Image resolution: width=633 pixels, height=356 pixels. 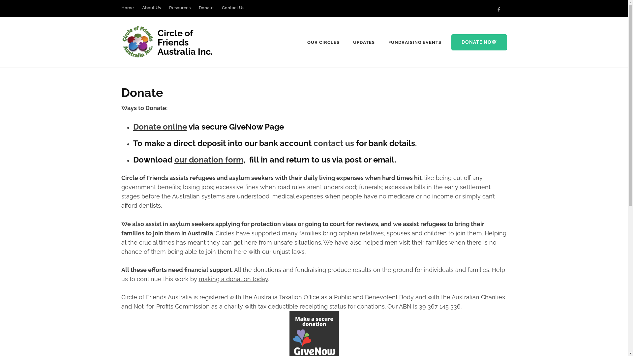 I want to click on 'Donate', so click(x=205, y=11).